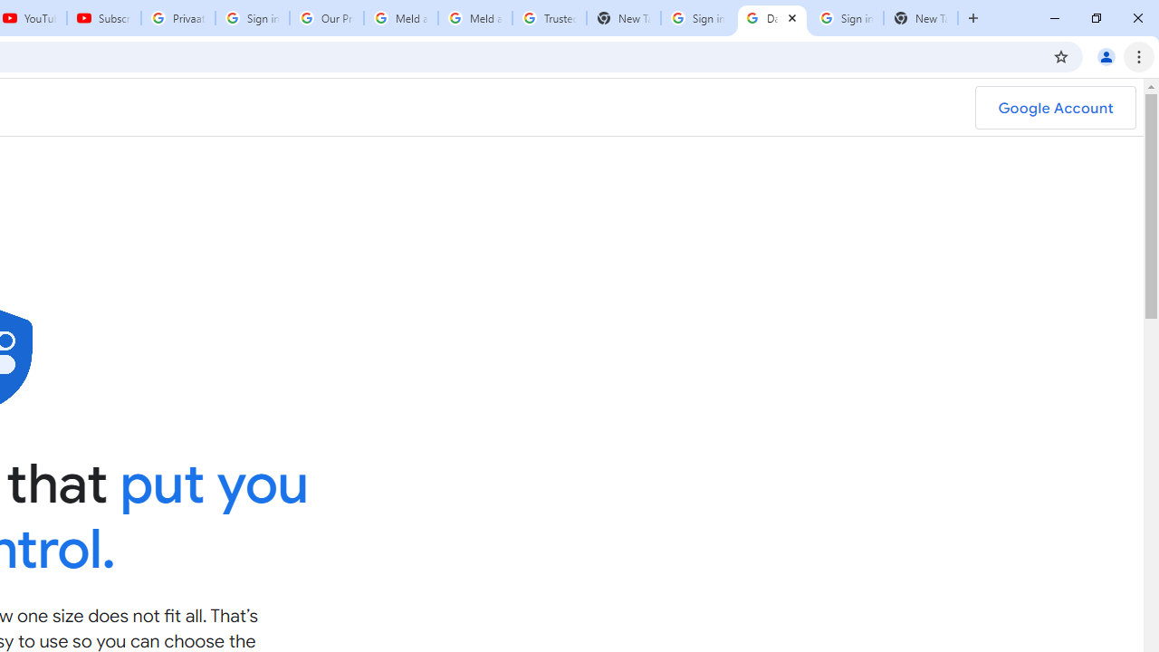 This screenshot has width=1159, height=652. Describe the element at coordinates (1055, 108) in the screenshot. I see `'Google Account'` at that location.